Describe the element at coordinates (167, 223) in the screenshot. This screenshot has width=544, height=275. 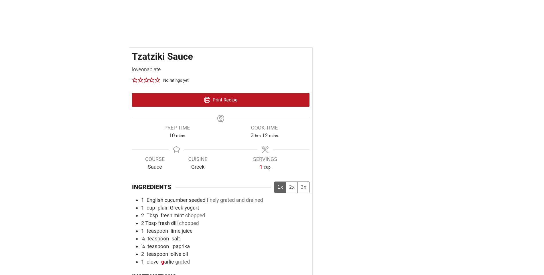
I see `'fresh dill'` at that location.